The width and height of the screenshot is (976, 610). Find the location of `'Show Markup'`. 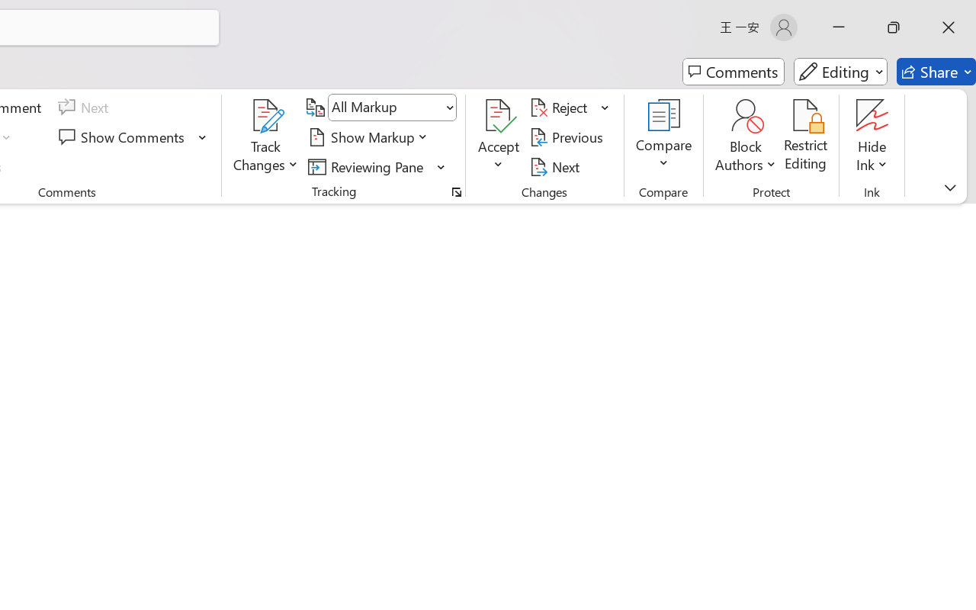

'Show Markup' is located at coordinates (370, 136).